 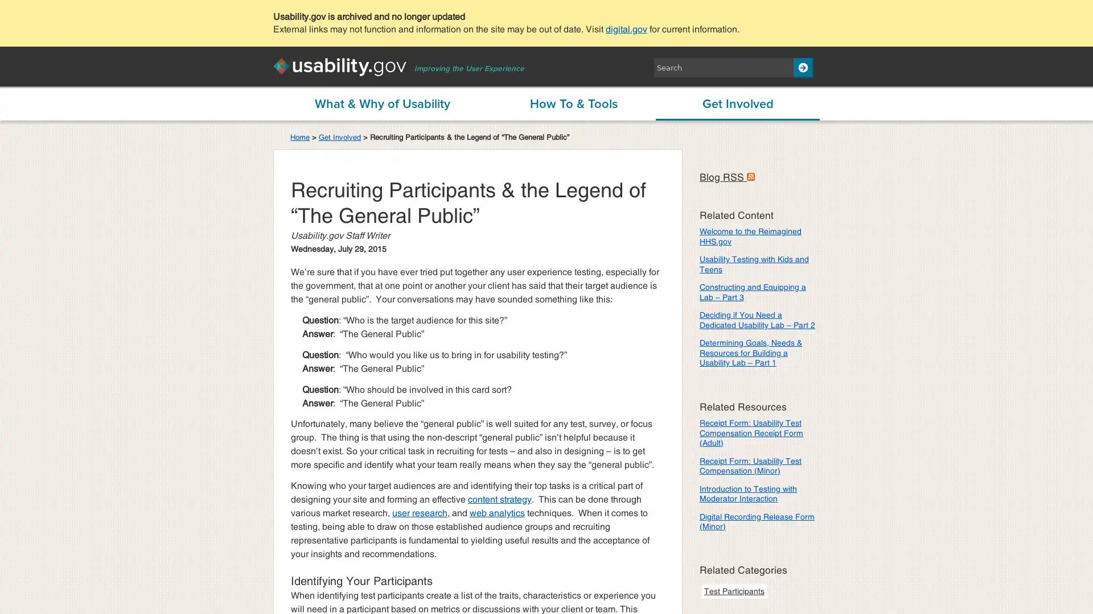 What do you see at coordinates (803, 68) in the screenshot?
I see `Search` at bounding box center [803, 68].